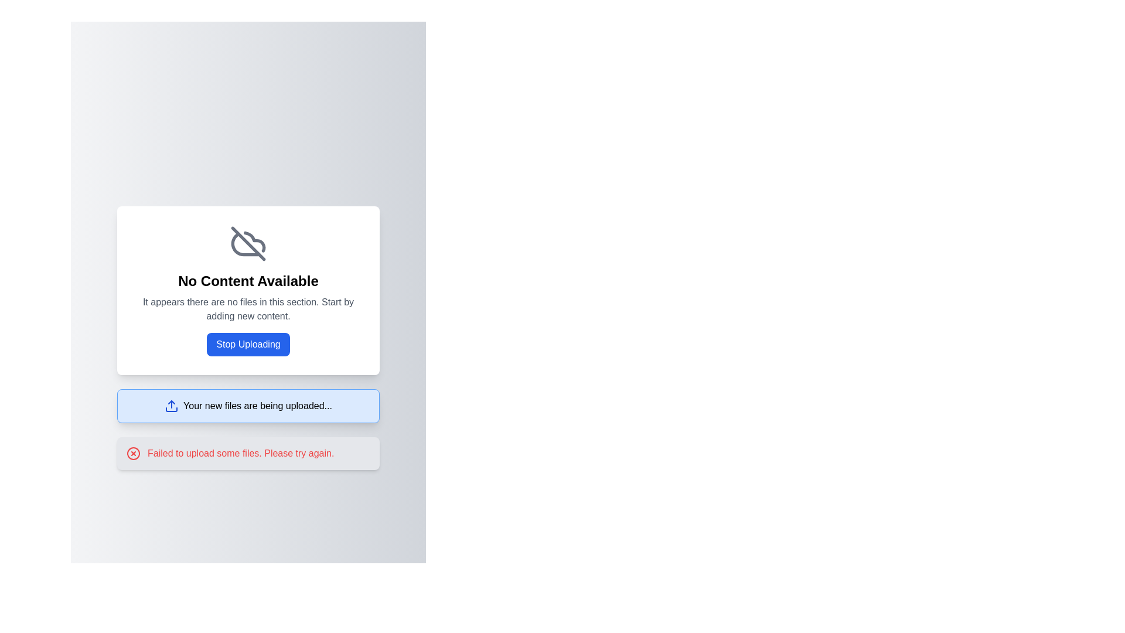  I want to click on error message from the Notification box that appears below the 'Your new files are being uploaded...' notification, so click(247, 453).